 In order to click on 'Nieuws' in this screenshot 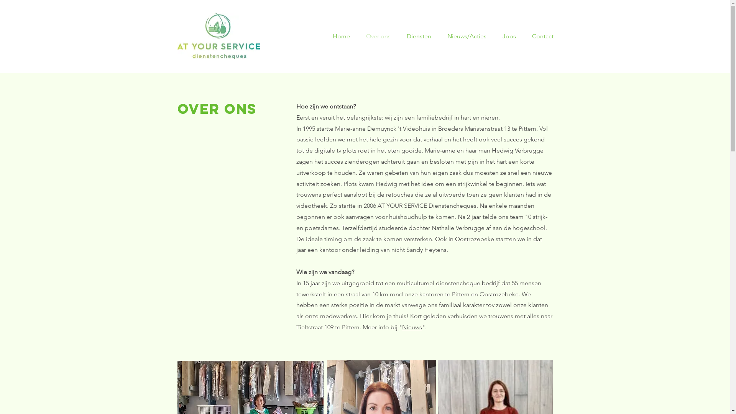, I will do `click(411, 327)`.